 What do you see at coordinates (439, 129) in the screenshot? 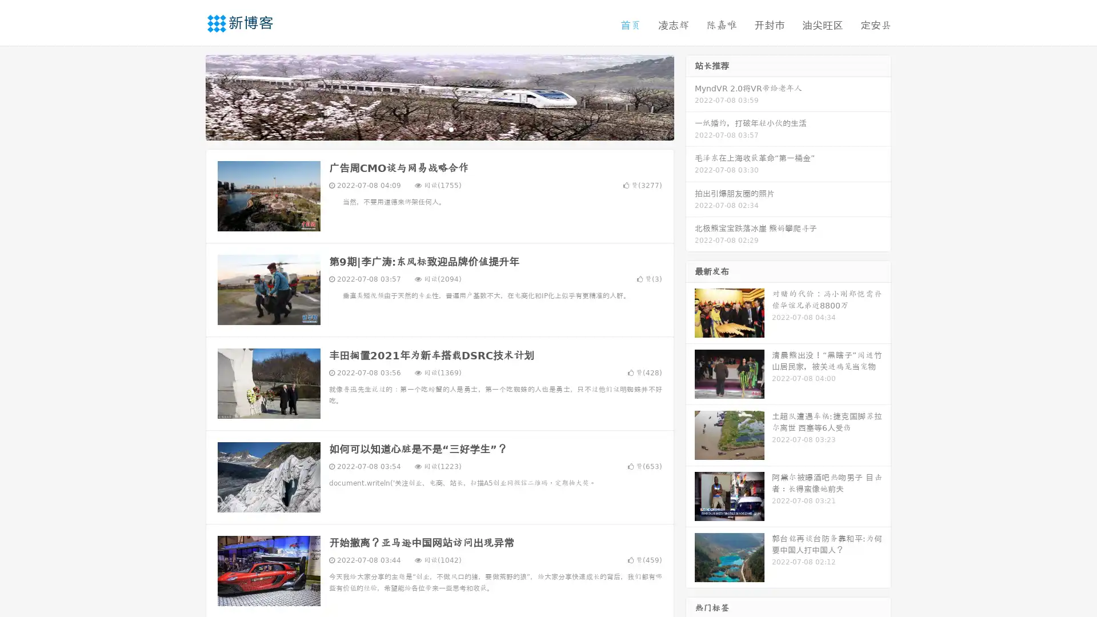
I see `Go to slide 2` at bounding box center [439, 129].